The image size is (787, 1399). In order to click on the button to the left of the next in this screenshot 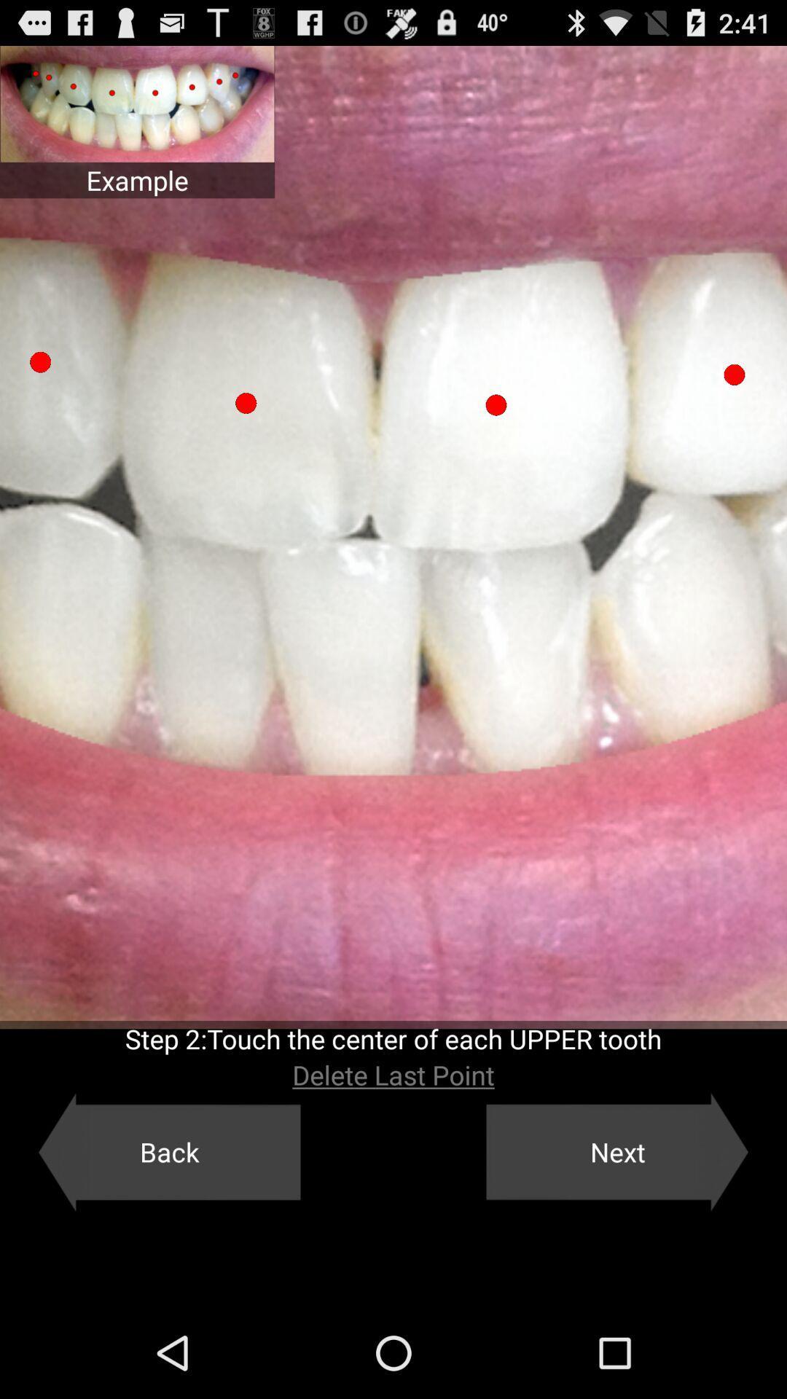, I will do `click(168, 1151)`.